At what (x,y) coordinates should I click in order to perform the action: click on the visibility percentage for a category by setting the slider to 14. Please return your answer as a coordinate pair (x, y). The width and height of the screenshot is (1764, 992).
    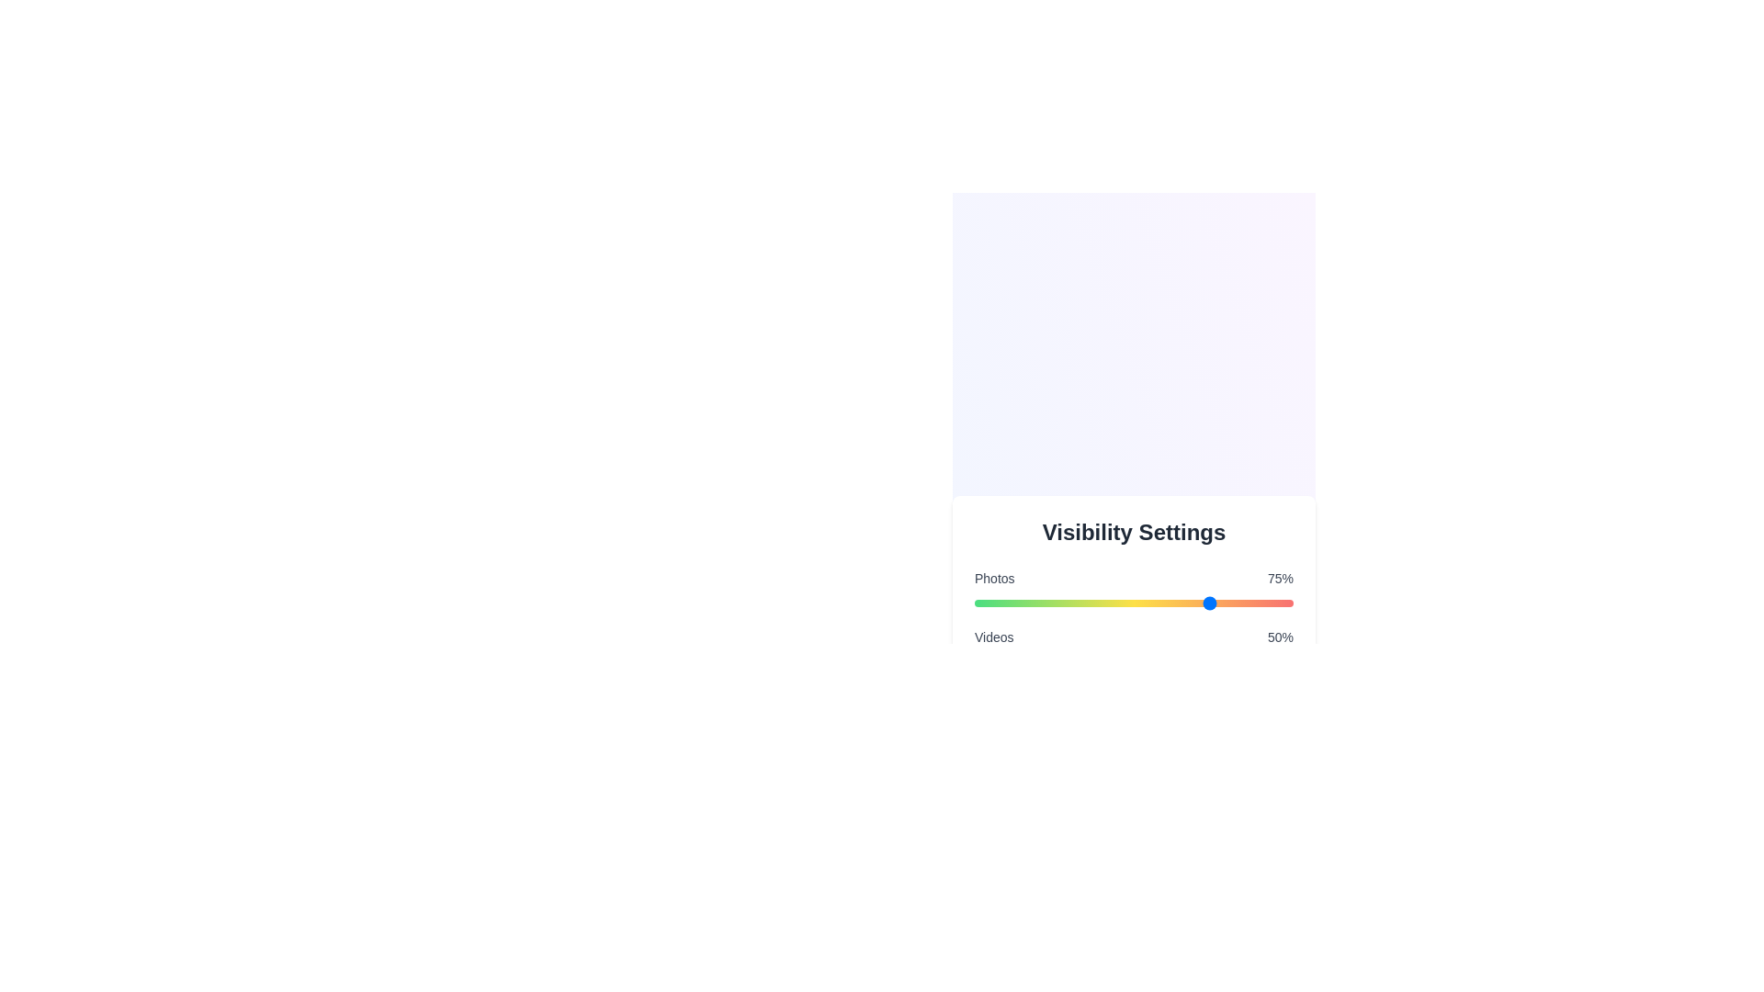
    Looking at the image, I should click on (1018, 603).